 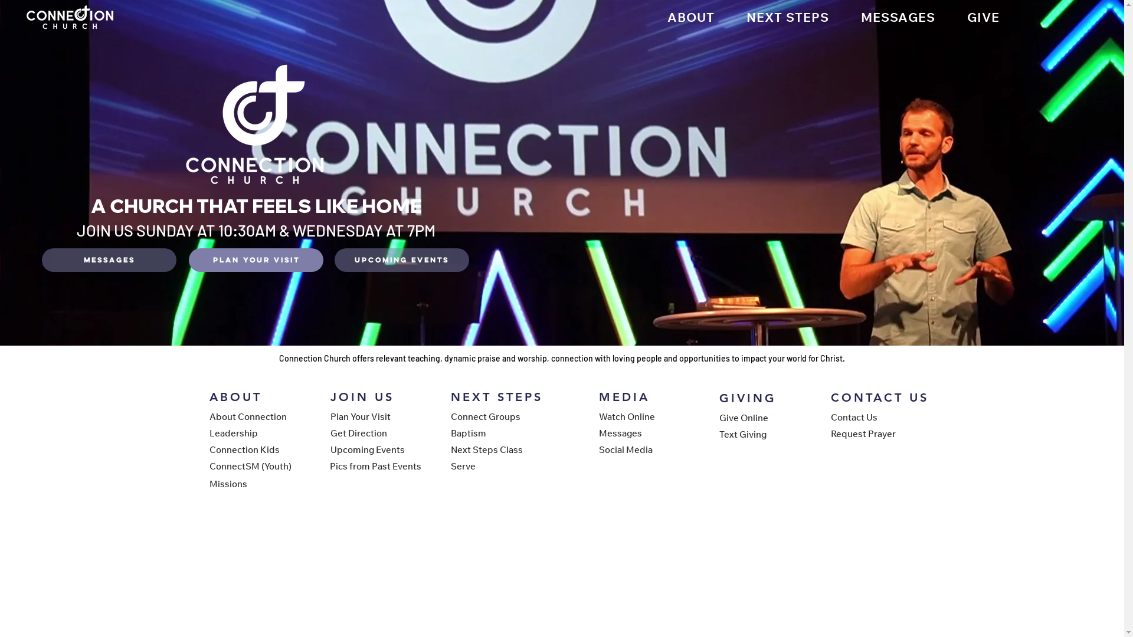 I want to click on 'Missions', so click(x=209, y=484).